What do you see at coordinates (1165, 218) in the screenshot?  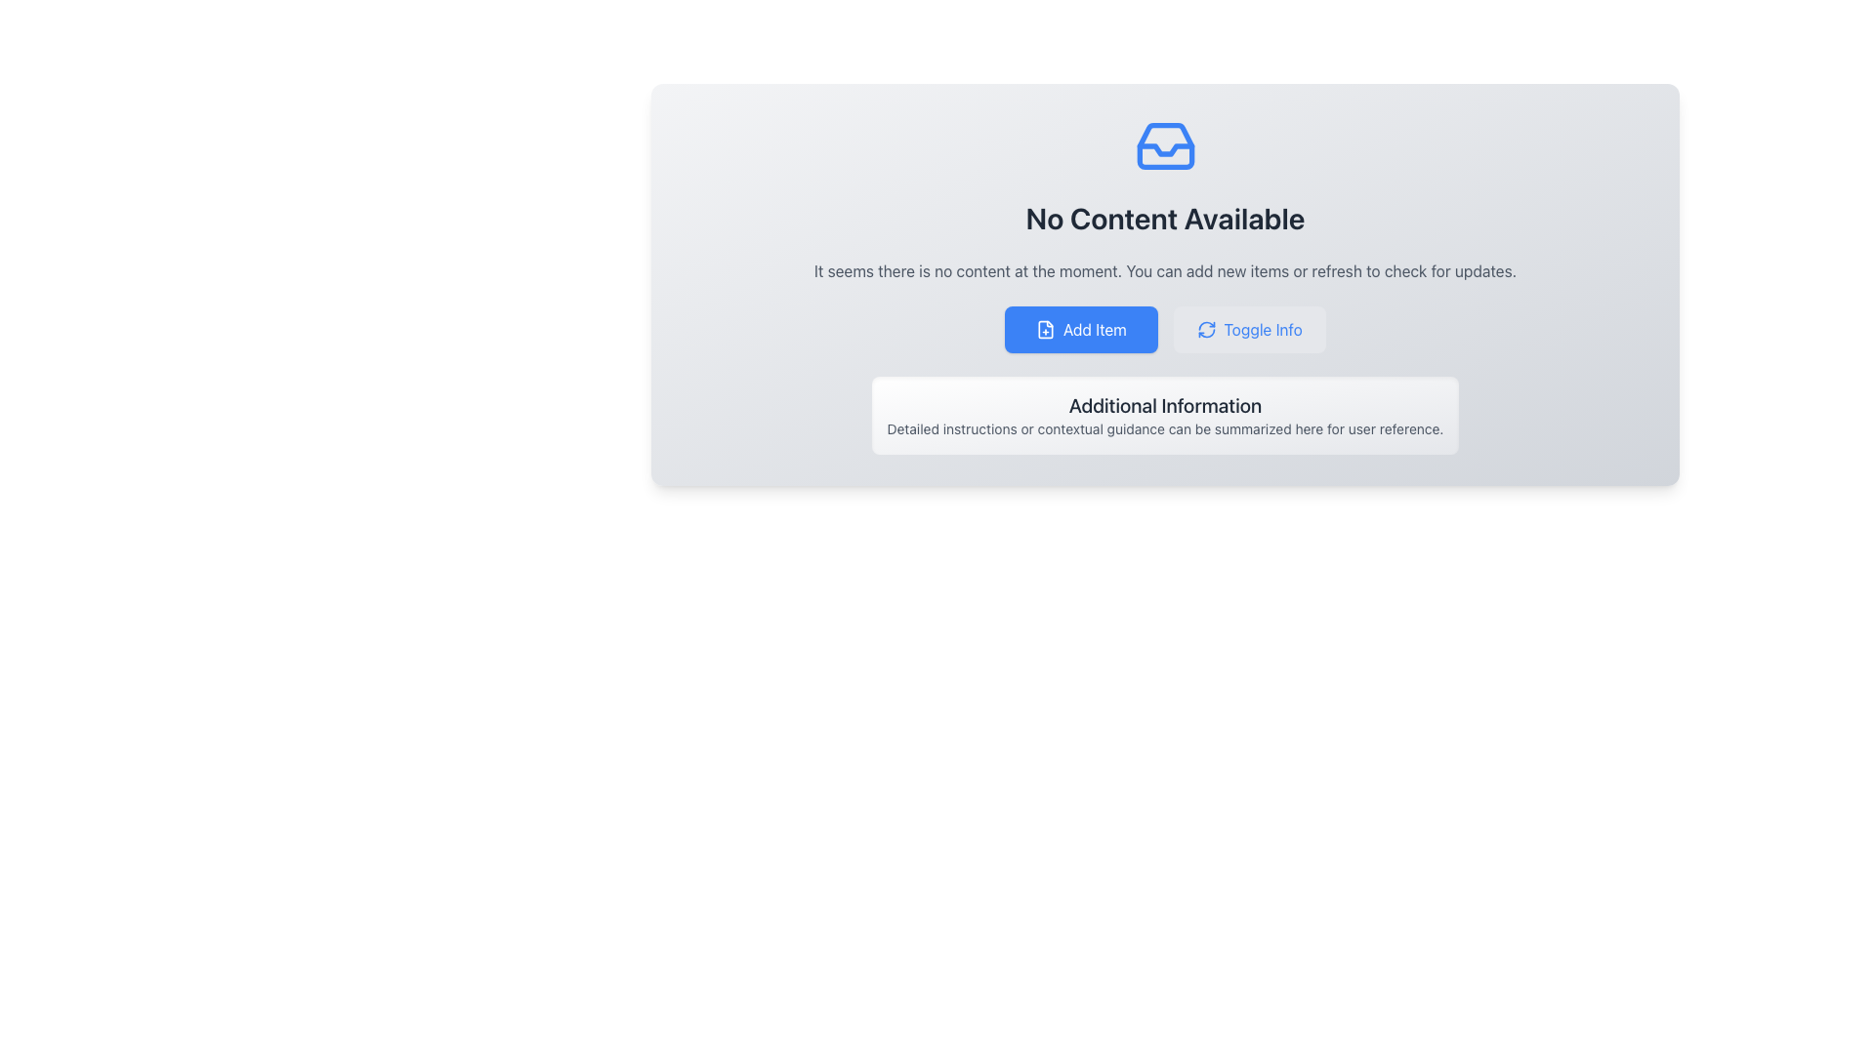 I see `the Text Label that indicates the current state of content availability, signaling users that no content is currently present` at bounding box center [1165, 218].